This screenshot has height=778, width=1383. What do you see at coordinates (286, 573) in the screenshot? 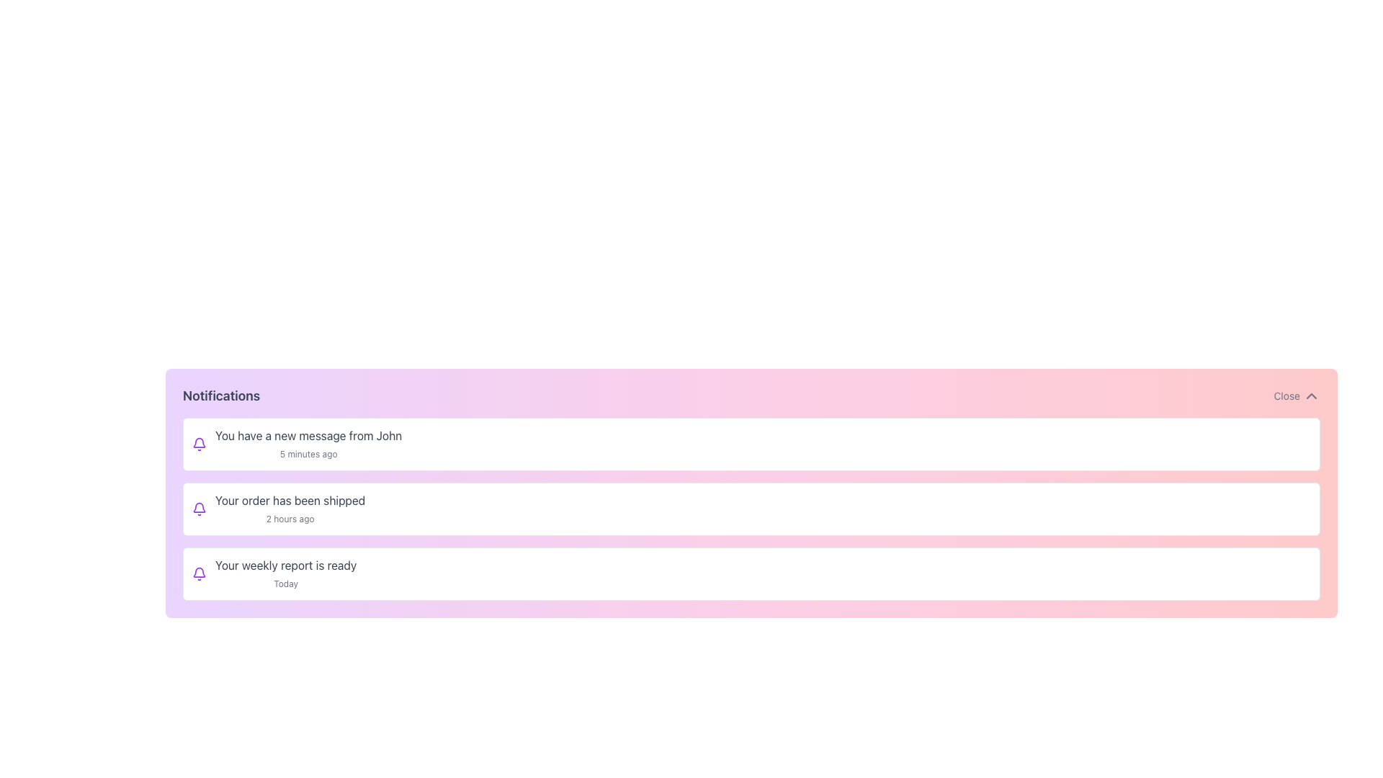
I see `the text block that contains two lines: 'Your weekly report is ready' and 'Today', located in the third notification card under the 'Notifications' heading` at bounding box center [286, 573].